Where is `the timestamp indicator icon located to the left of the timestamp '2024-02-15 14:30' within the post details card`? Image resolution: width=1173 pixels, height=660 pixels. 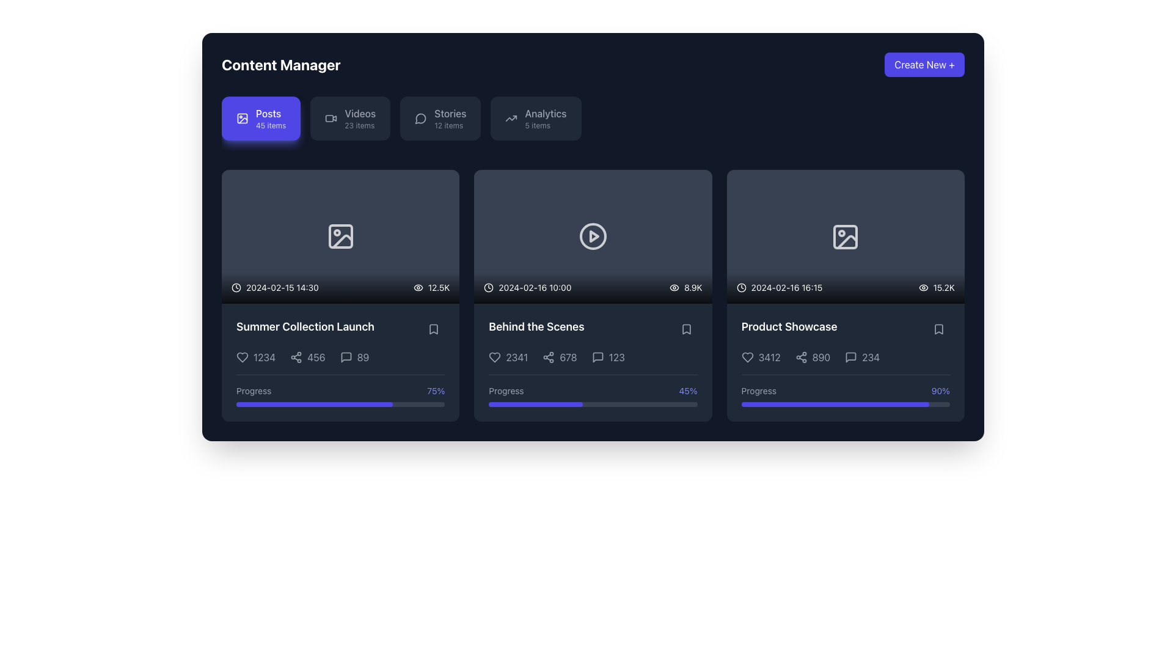
the timestamp indicator icon located to the left of the timestamp '2024-02-15 14:30' within the post details card is located at coordinates (236, 287).